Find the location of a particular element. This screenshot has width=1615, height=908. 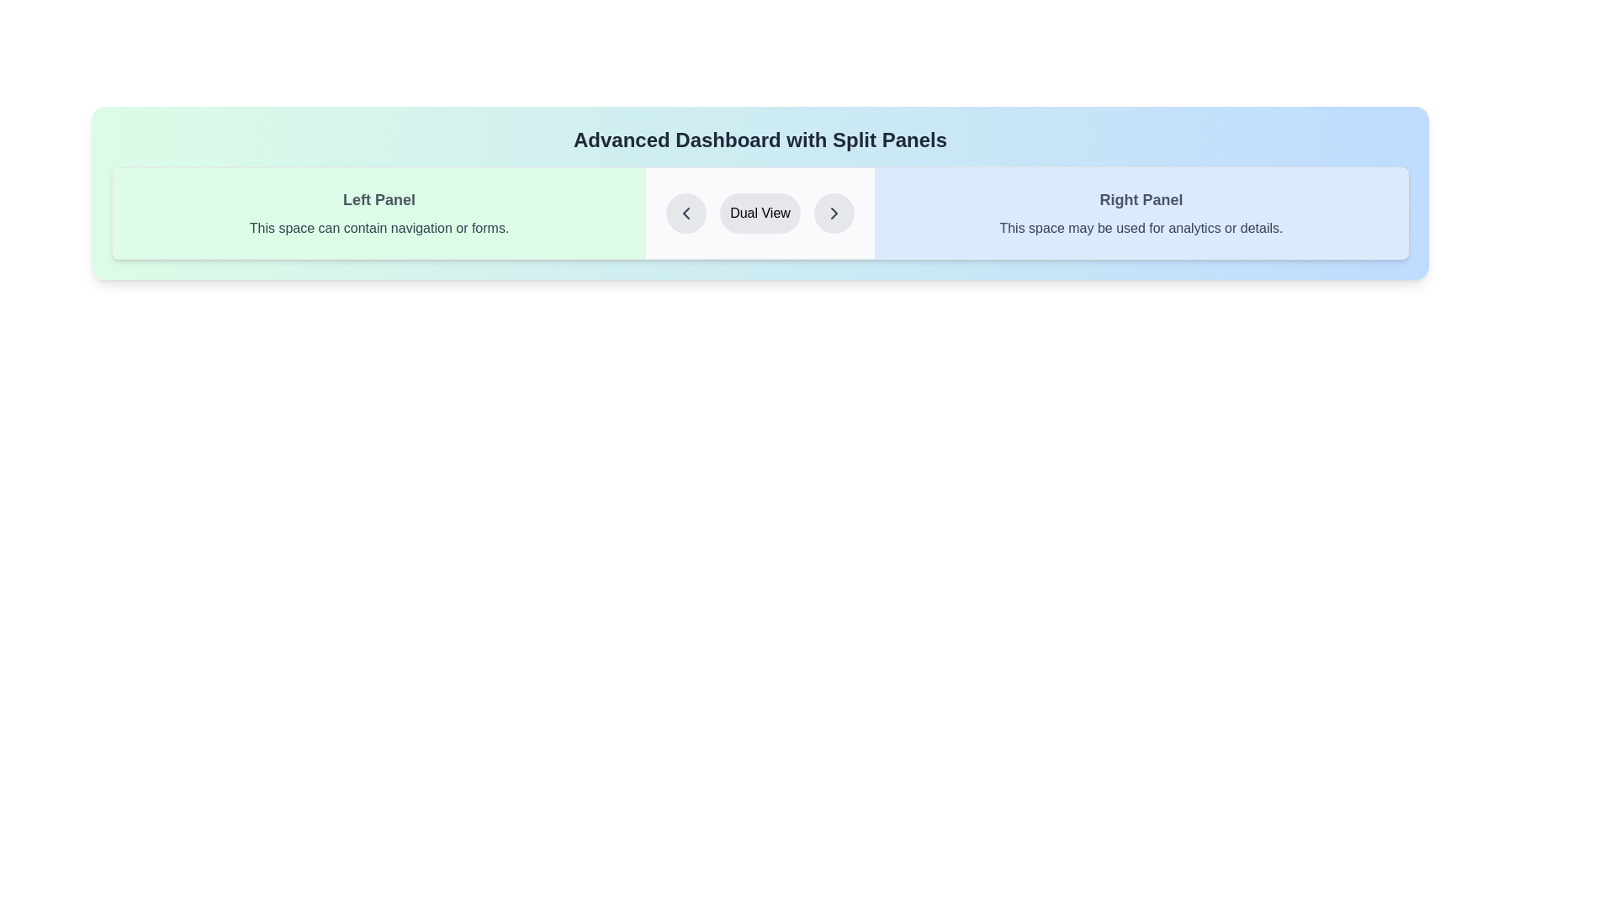

the static informational panel located on the left side of the split-panel interface, which is non-interactive and positioned before the 'Right Panel' is located at coordinates (379, 213).